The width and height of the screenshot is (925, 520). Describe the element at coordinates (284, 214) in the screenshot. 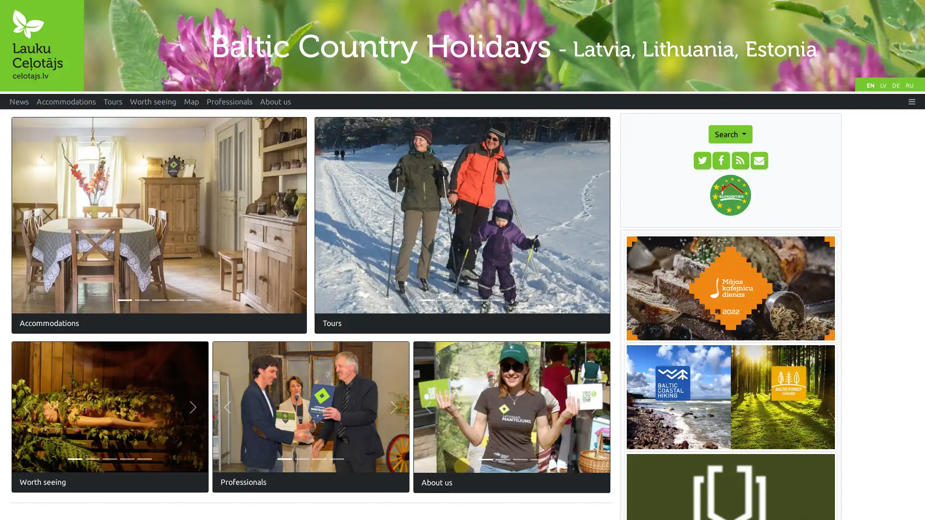

I see `Next` at that location.